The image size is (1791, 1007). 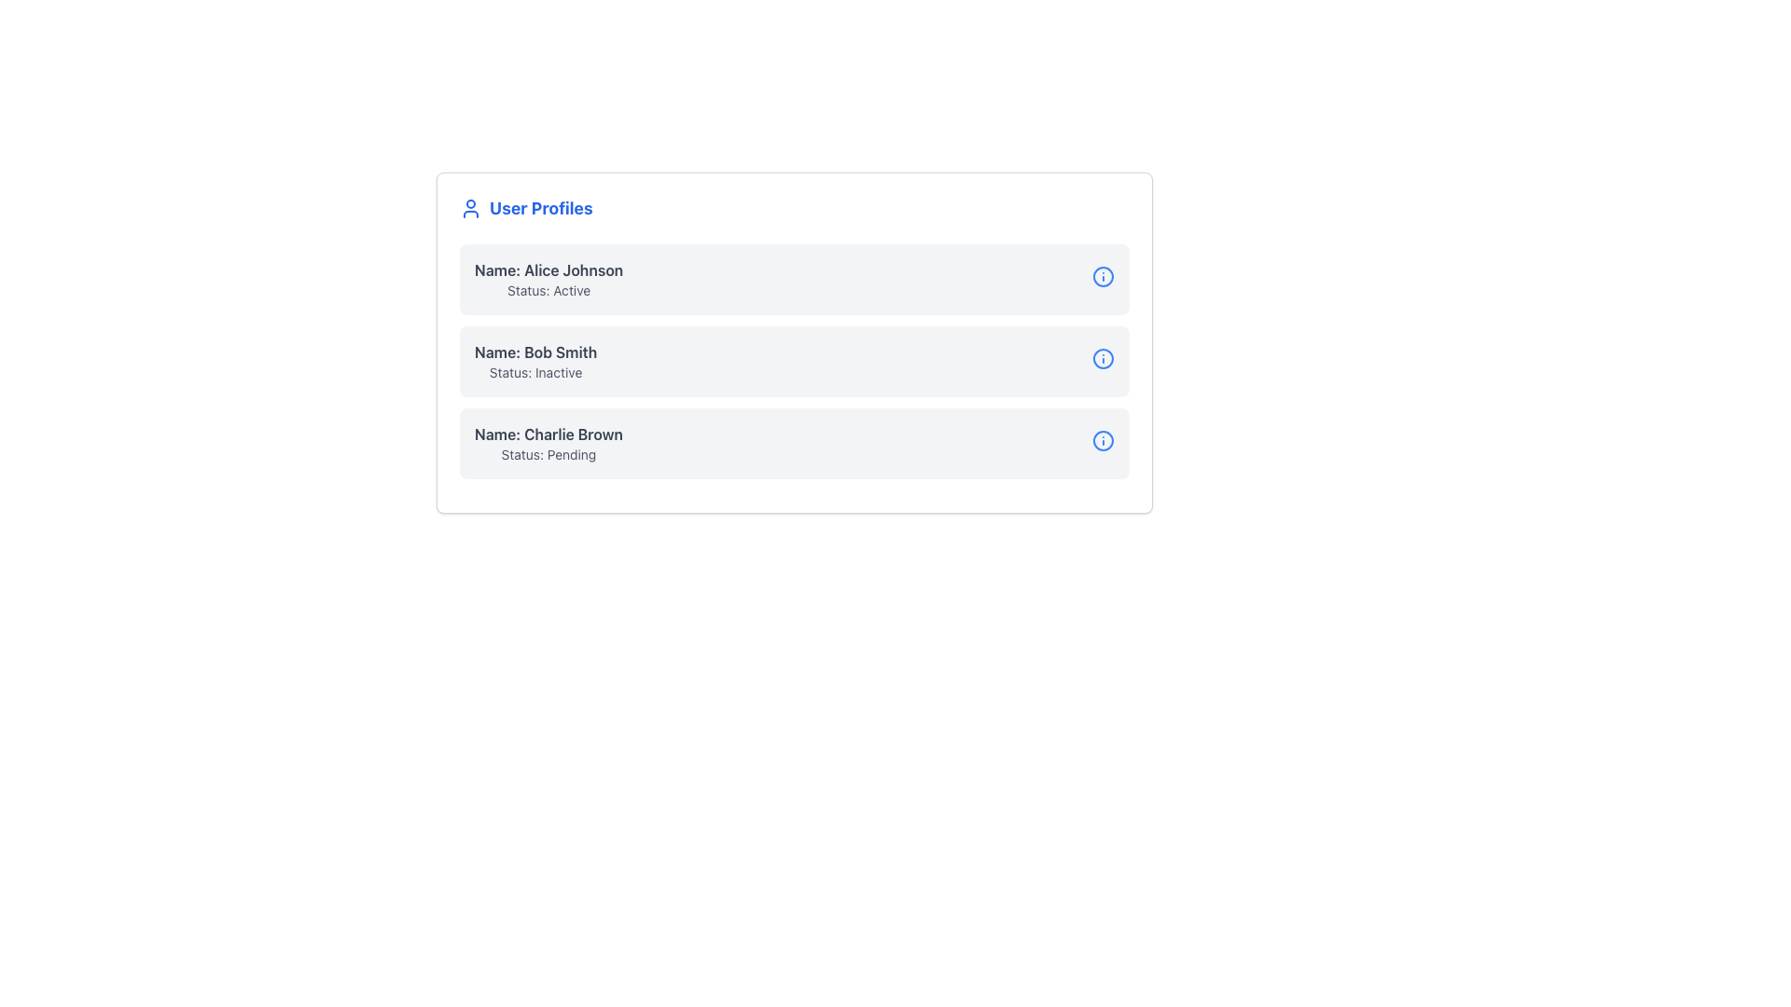 What do you see at coordinates (1103, 443) in the screenshot?
I see `the Interactive Status Indicator located to the far right of the 'Name: Charlie Brown Status: Pending' entry in the user profiles list, which is the third item in the list` at bounding box center [1103, 443].